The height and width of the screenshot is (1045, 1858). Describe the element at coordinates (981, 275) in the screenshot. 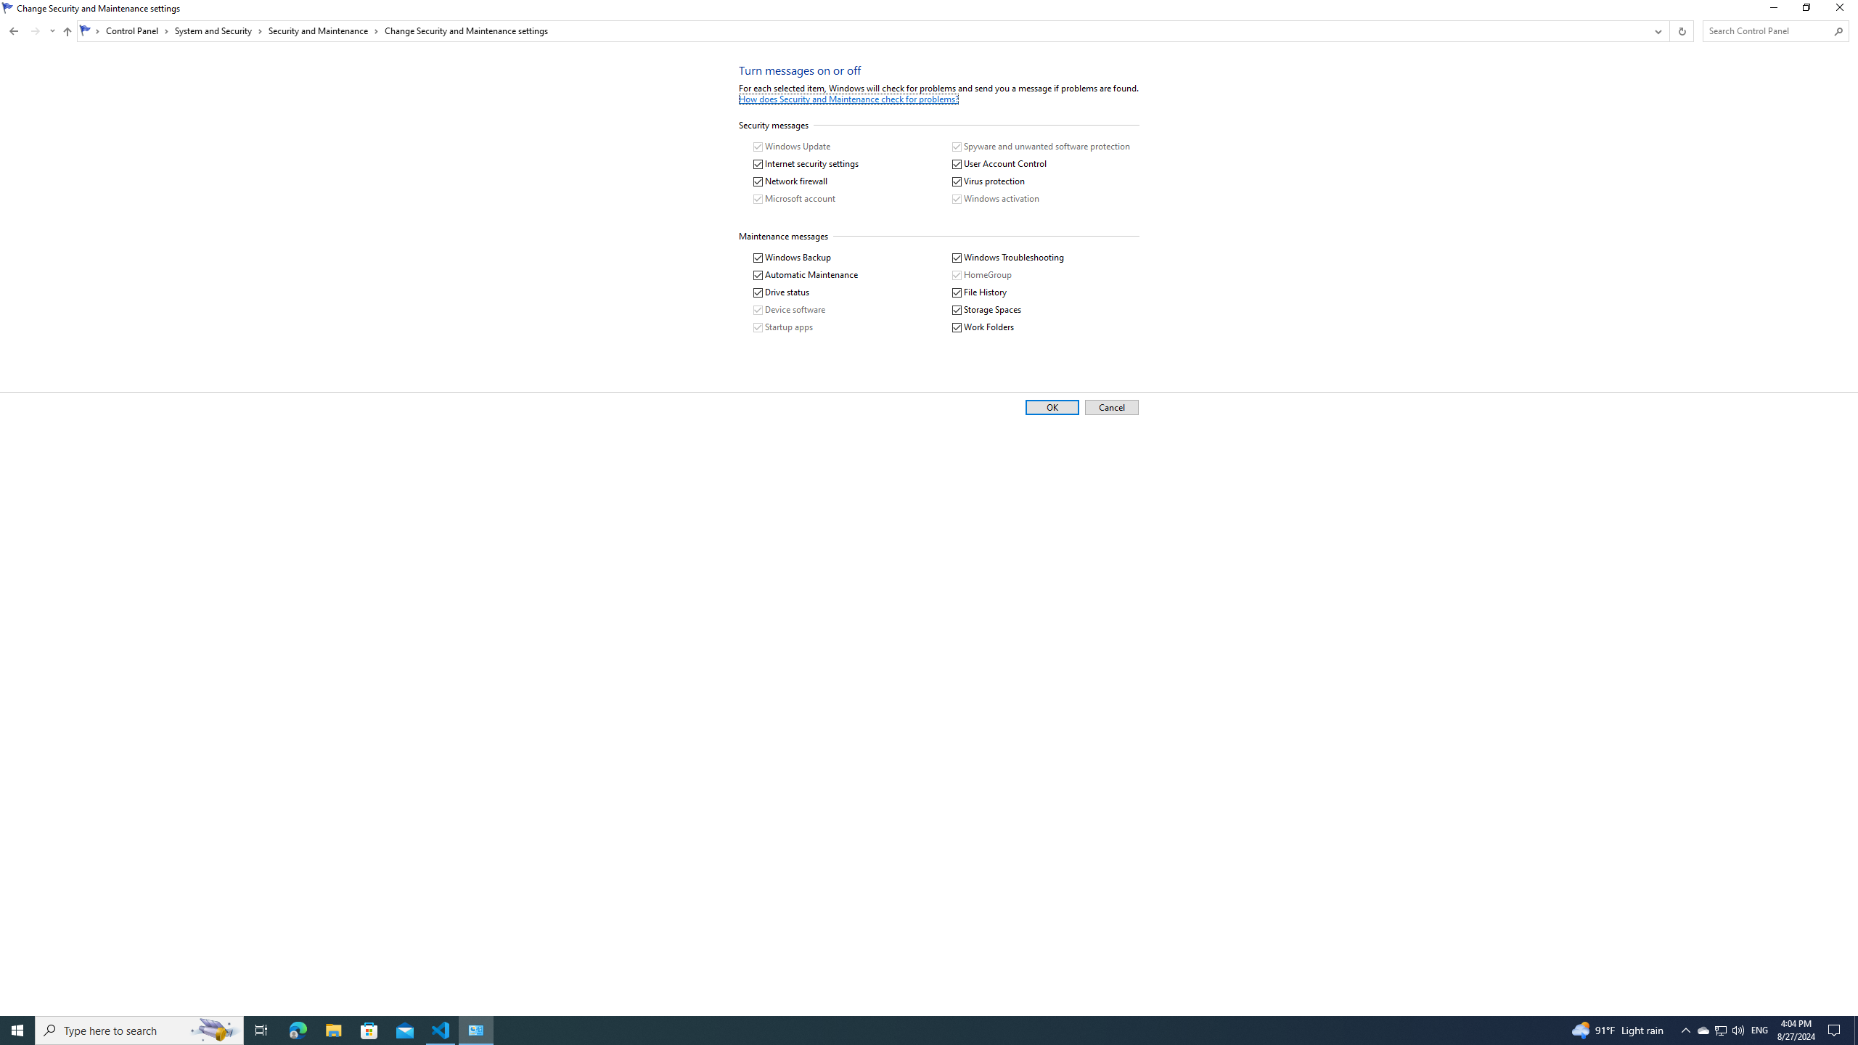

I see `'HomeGroup'` at that location.